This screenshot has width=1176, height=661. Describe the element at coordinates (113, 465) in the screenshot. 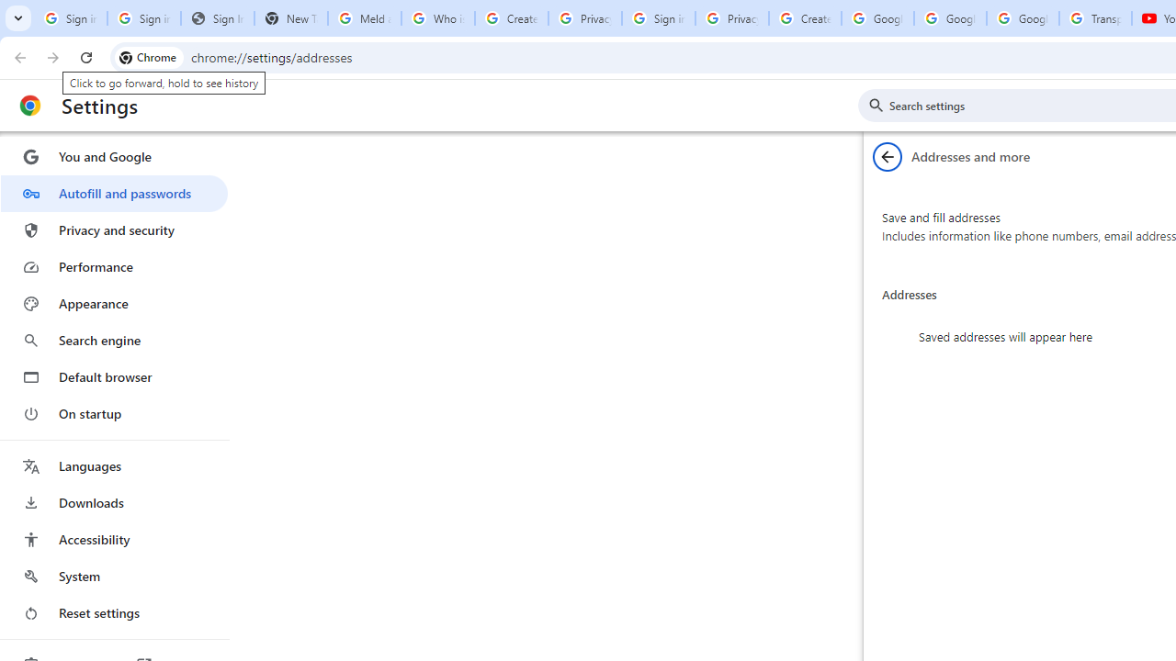

I see `'Languages'` at that location.